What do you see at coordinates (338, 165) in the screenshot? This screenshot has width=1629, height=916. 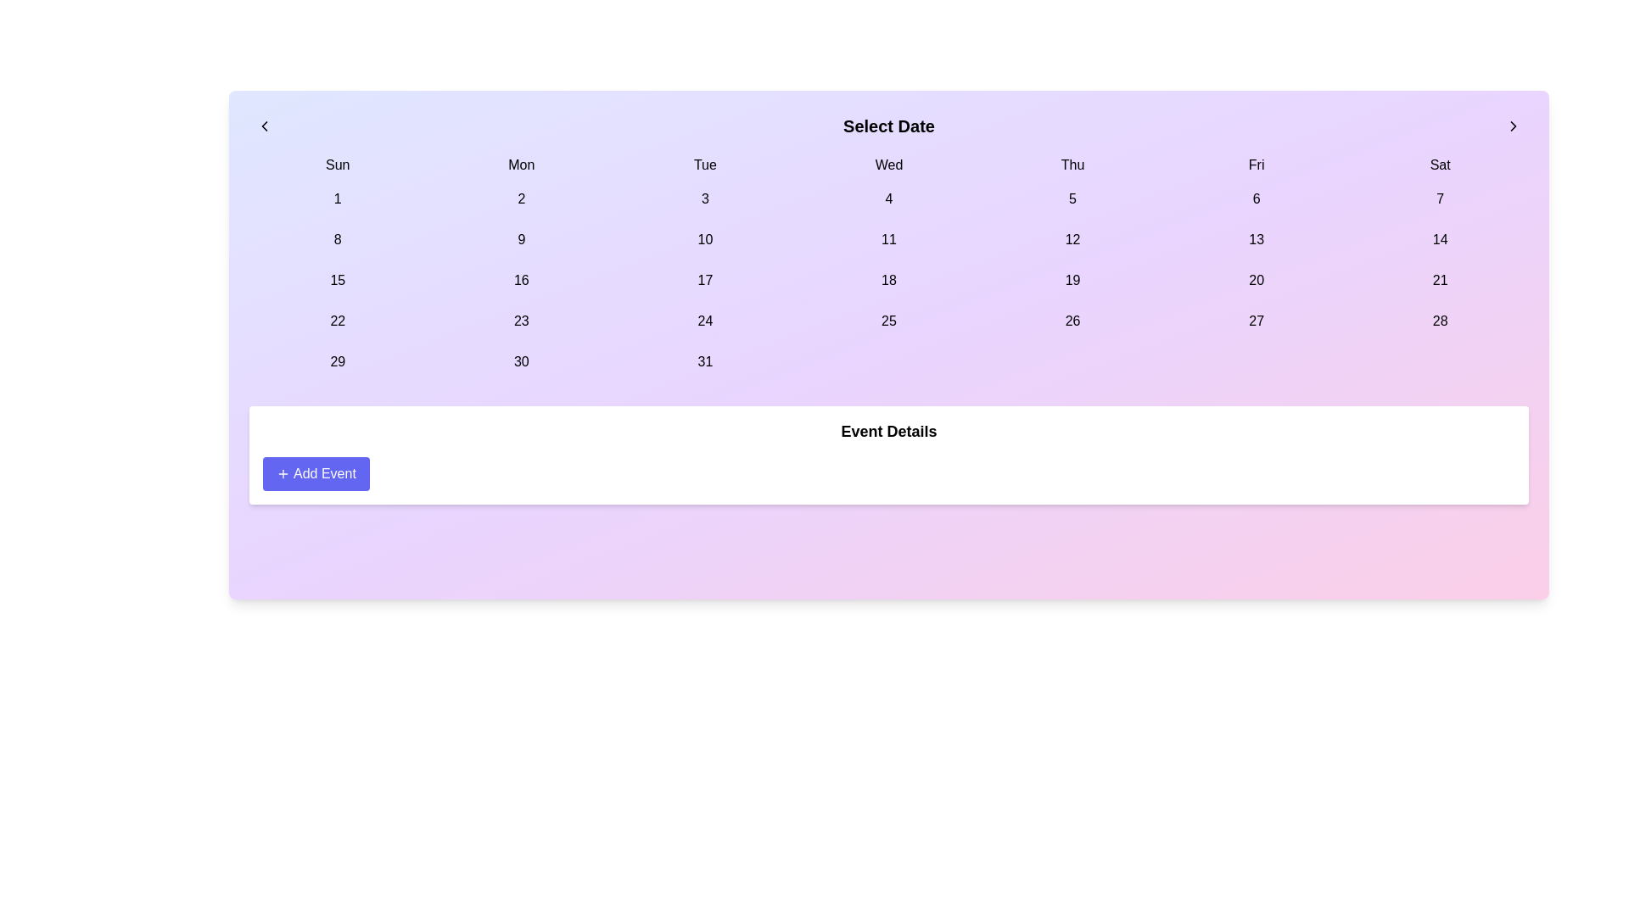 I see `the text label displaying 'Sun', which is the first element in the horizontal list of weekday names` at bounding box center [338, 165].